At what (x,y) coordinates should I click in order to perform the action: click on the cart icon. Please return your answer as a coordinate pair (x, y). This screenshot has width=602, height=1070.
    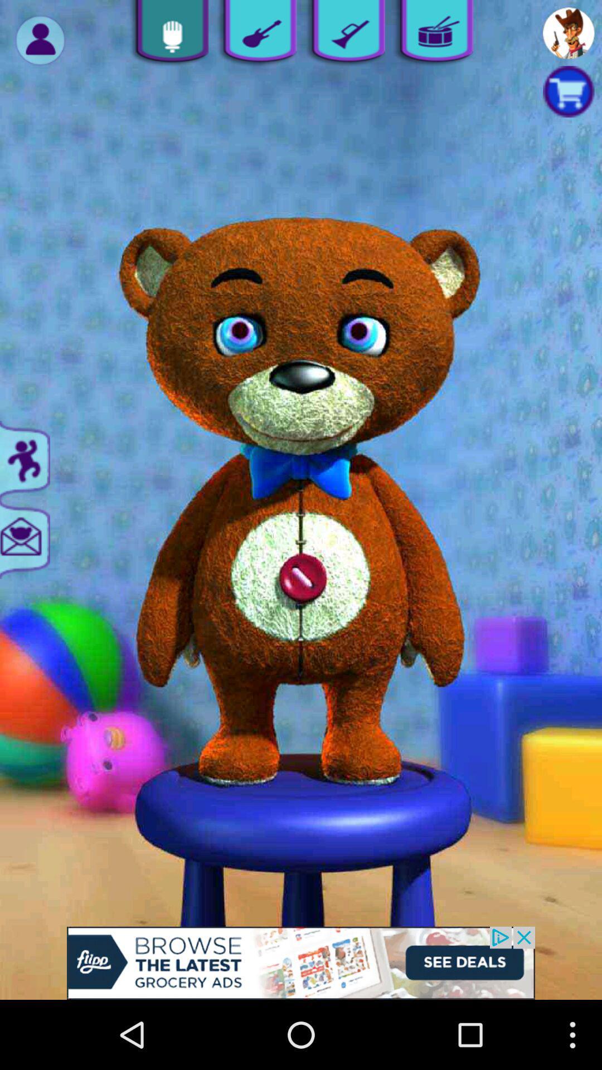
    Looking at the image, I should click on (569, 98).